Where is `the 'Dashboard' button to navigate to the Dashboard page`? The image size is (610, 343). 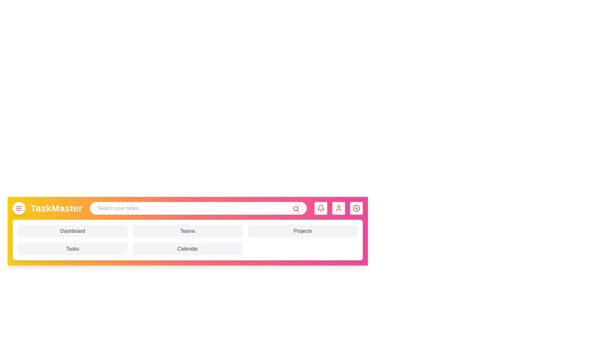
the 'Dashboard' button to navigate to the Dashboard page is located at coordinates (73, 231).